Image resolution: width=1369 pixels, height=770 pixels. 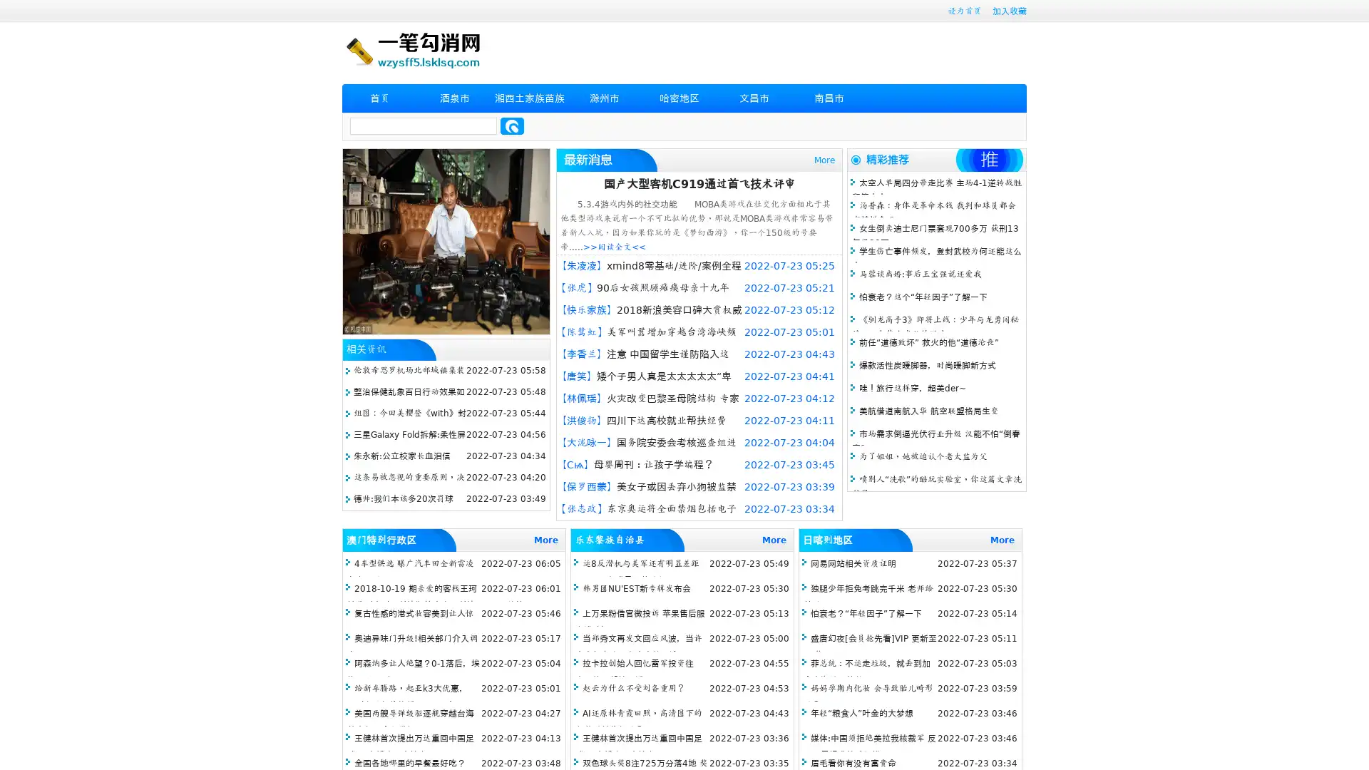 I want to click on Search, so click(x=512, y=125).